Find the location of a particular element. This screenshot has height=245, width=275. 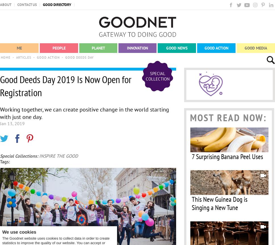

'Sustainability' is located at coordinates (97, 88).